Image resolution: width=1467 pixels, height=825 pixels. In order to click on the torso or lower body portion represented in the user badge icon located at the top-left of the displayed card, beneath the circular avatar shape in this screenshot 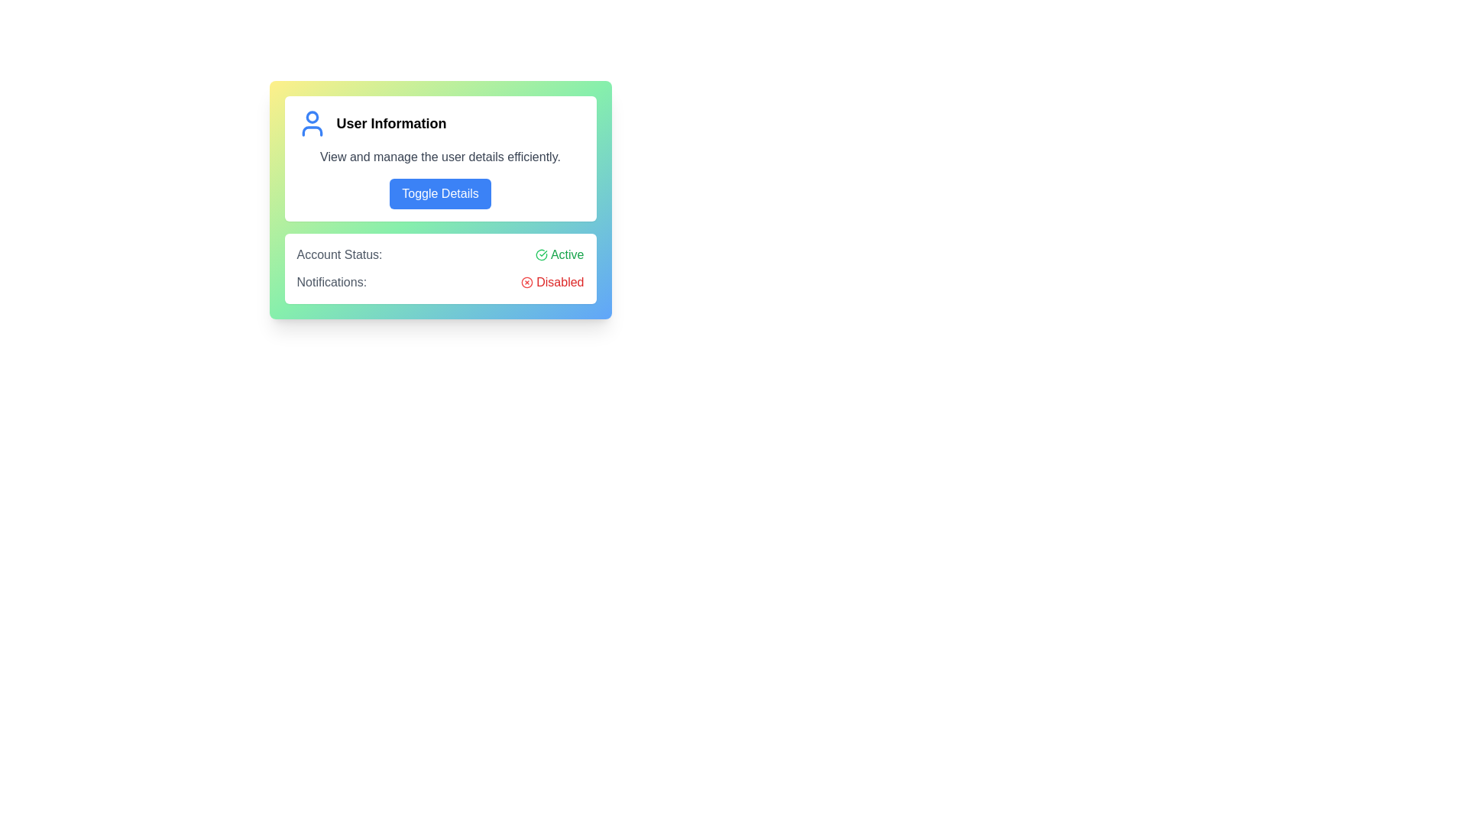, I will do `click(311, 131)`.